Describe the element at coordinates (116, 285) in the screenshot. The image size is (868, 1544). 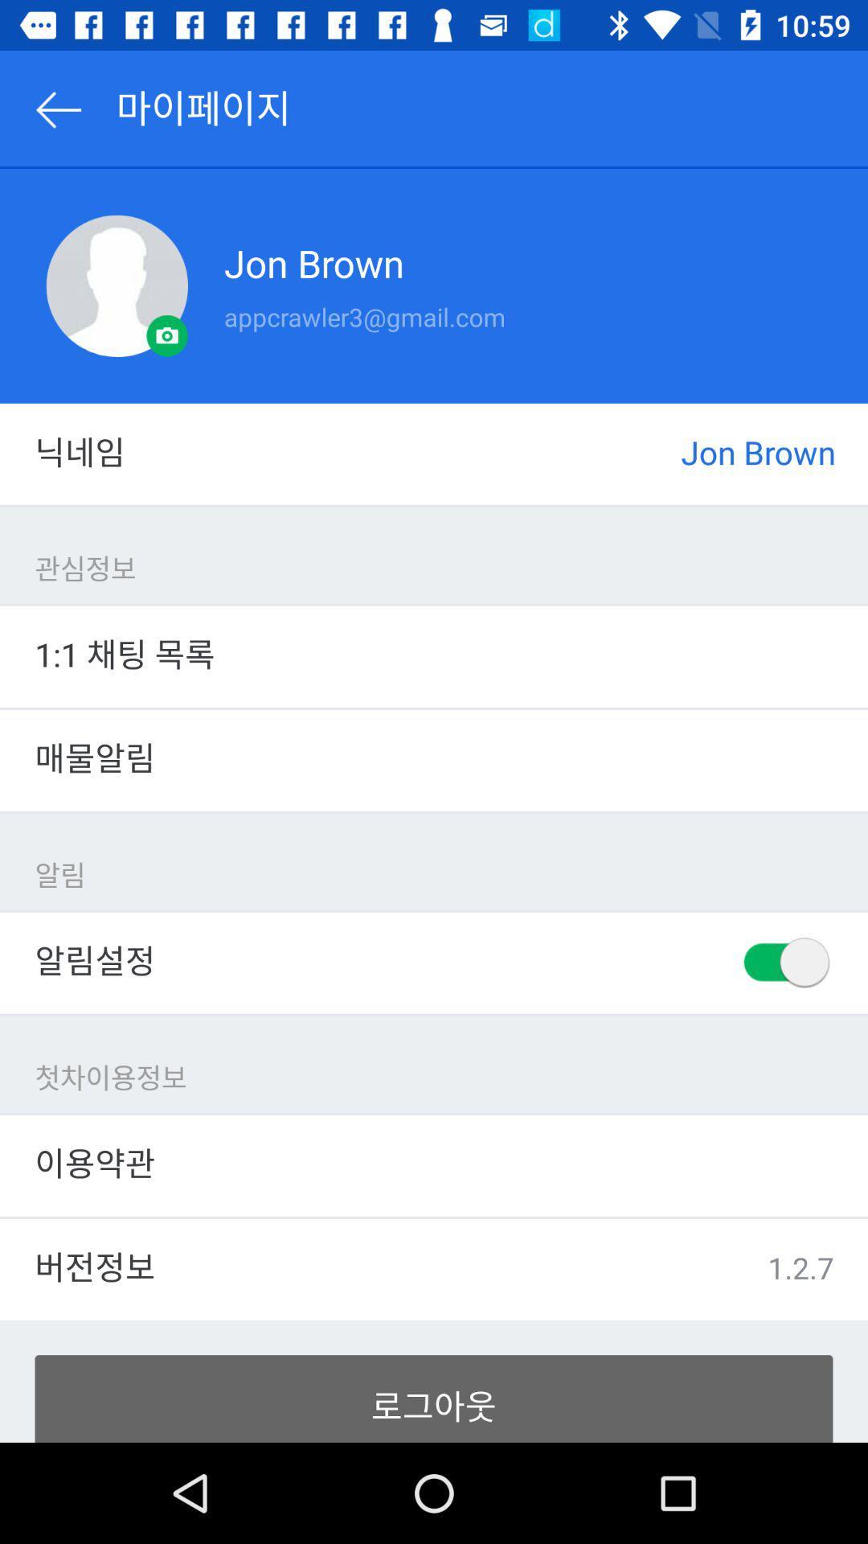
I see `the avatar icon` at that location.